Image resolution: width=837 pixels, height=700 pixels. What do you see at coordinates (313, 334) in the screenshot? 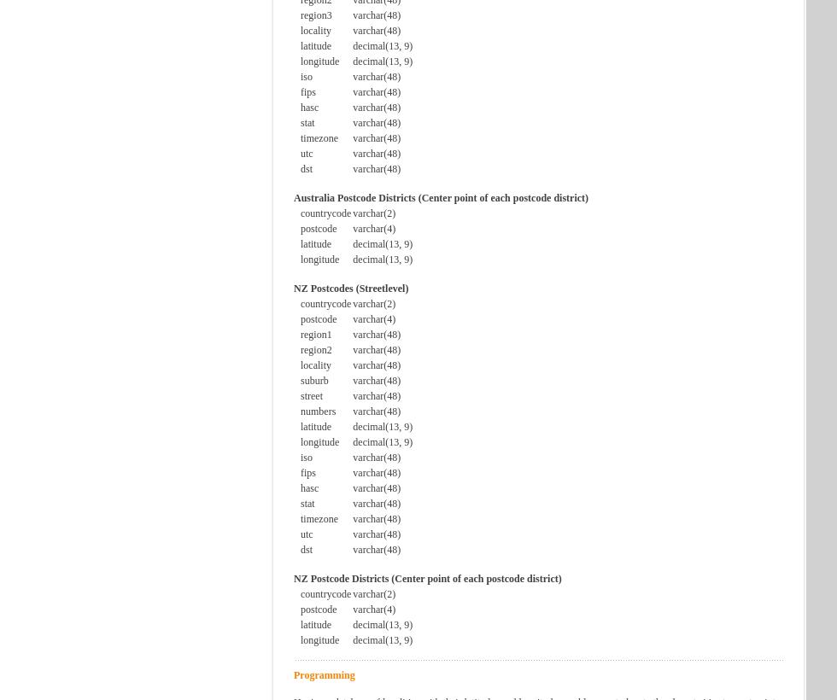
I see `'region1'` at bounding box center [313, 334].